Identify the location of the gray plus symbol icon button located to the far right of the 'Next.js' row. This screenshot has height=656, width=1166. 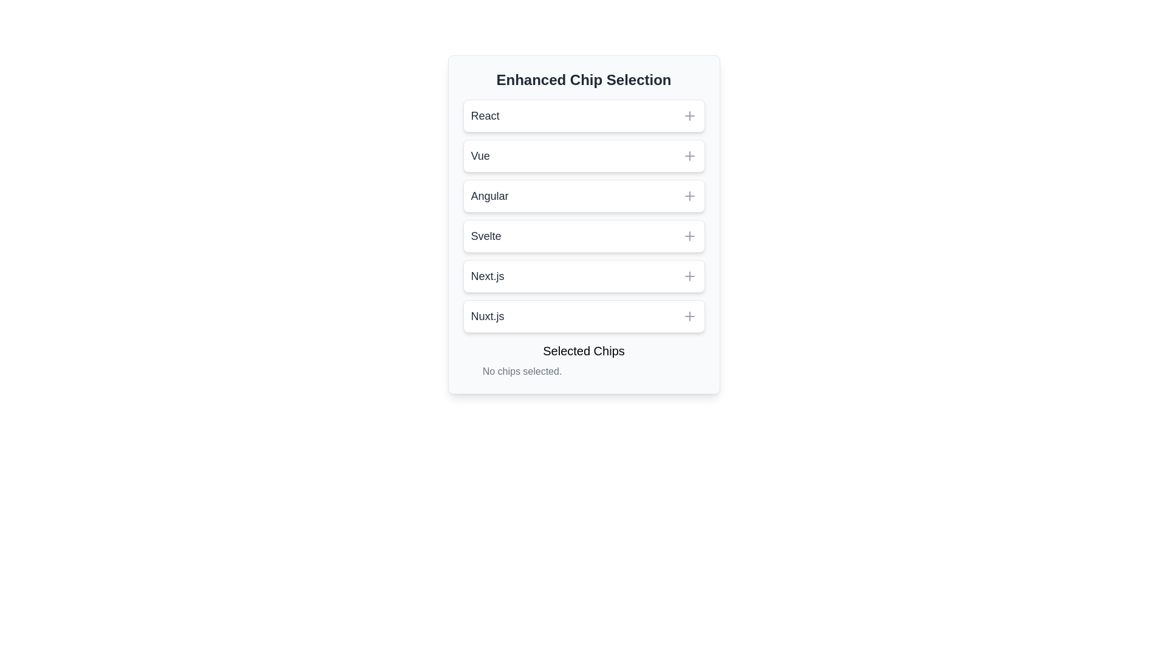
(689, 276).